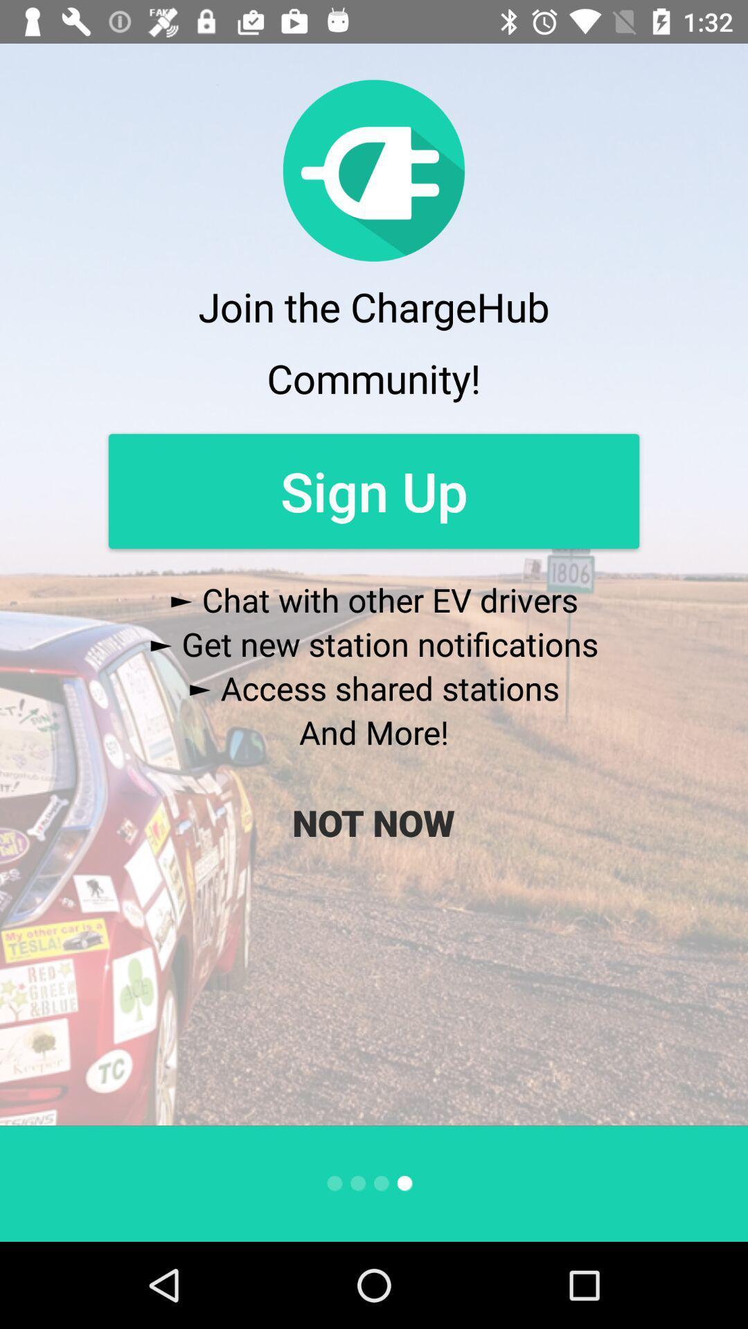 This screenshot has width=748, height=1329. What do you see at coordinates (373, 822) in the screenshot?
I see `the not now` at bounding box center [373, 822].